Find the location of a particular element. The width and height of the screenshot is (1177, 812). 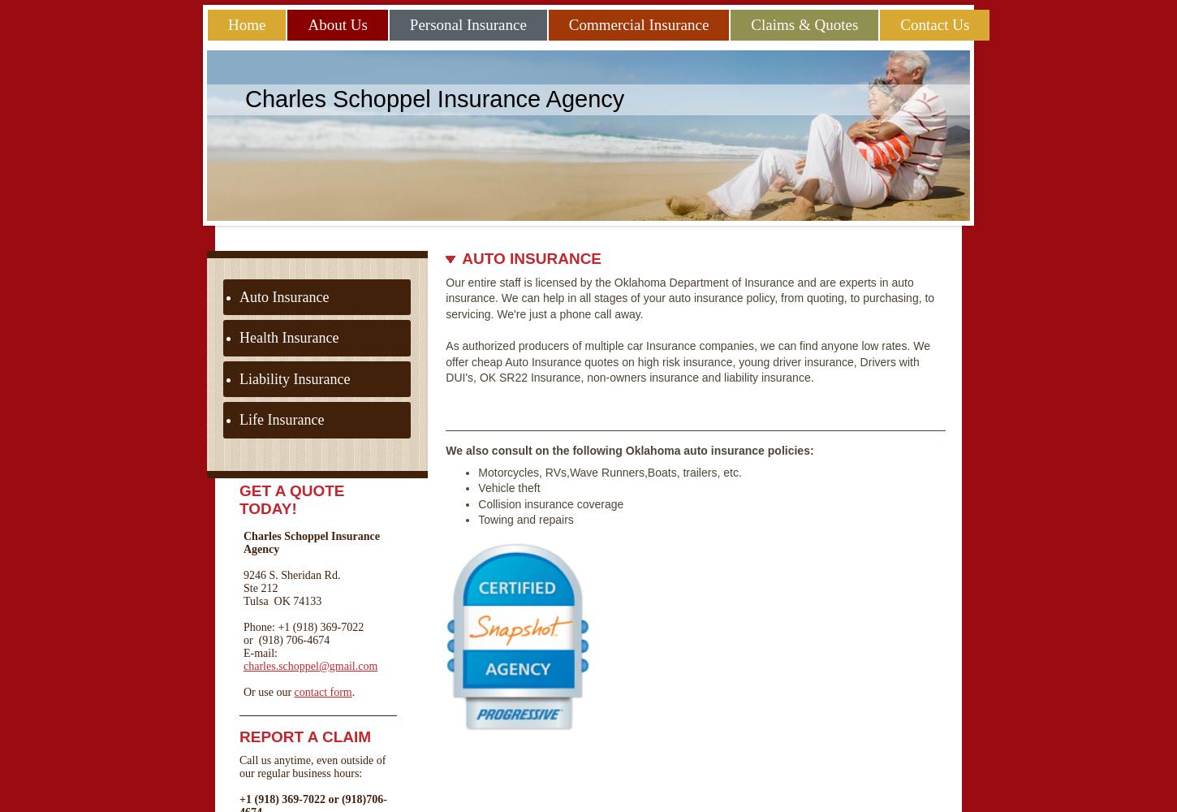

'Collision insurance coverage' is located at coordinates (550, 503).